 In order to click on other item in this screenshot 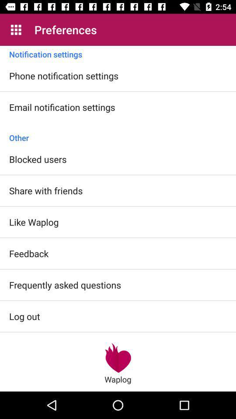, I will do `click(118, 133)`.